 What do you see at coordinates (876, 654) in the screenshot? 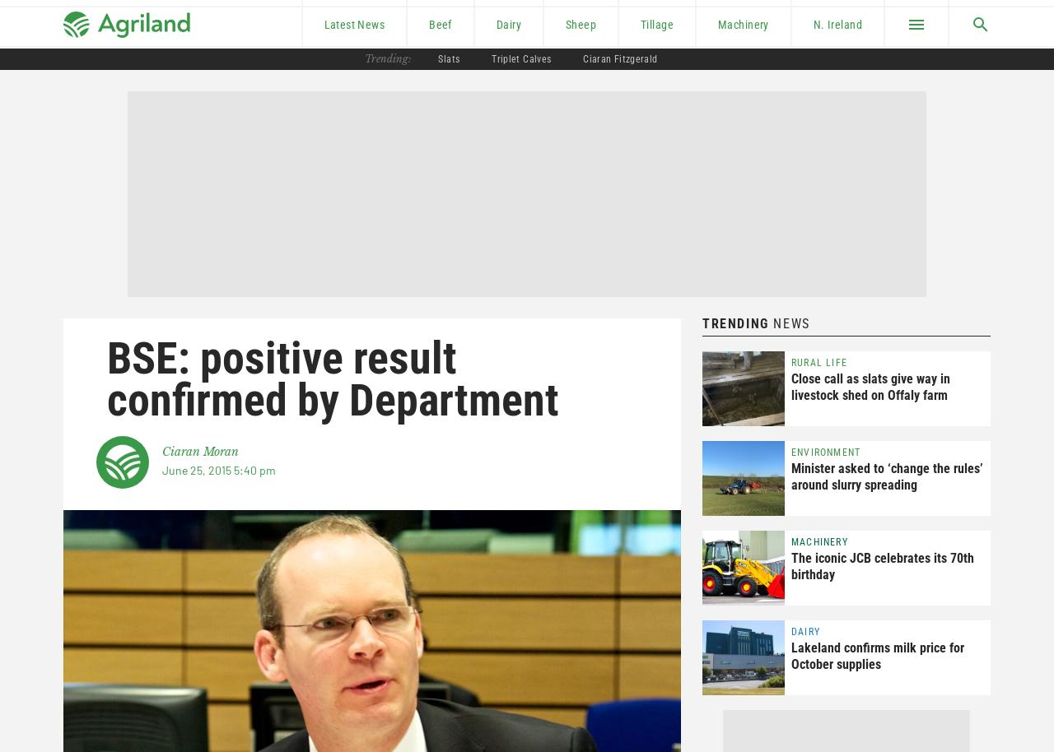
I see `'Lakeland confirms milk price for October supplies'` at bounding box center [876, 654].